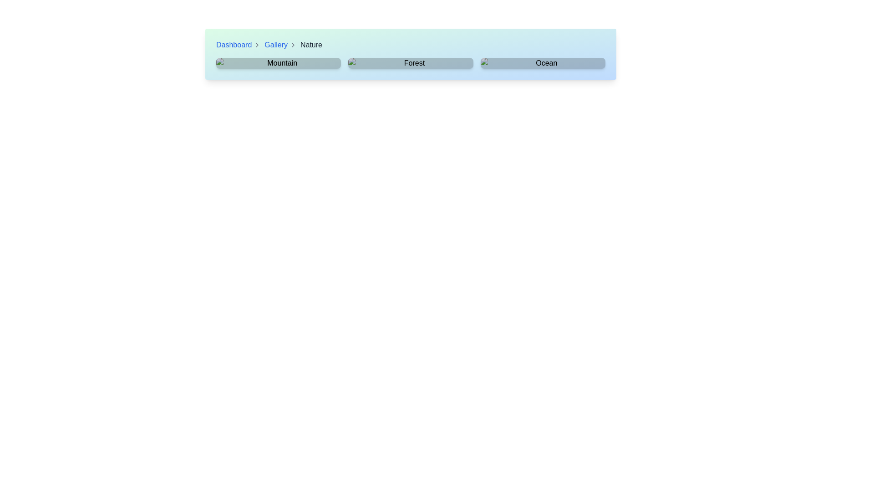 The width and height of the screenshot is (874, 492). I want to click on the text label indicating 'Nature' in the breadcrumb navigation, which reflects the current page context and is positioned after 'Gallery', so click(311, 45).